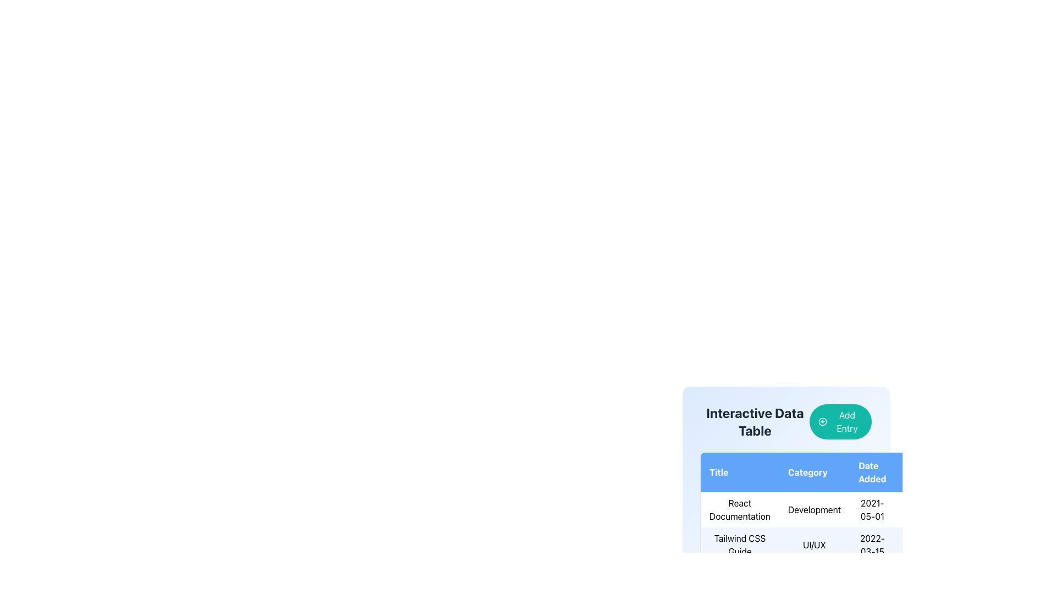 This screenshot has height=594, width=1056. What do you see at coordinates (823, 527) in the screenshot?
I see `the second row in the data table that contains details about its title, category, and date added` at bounding box center [823, 527].